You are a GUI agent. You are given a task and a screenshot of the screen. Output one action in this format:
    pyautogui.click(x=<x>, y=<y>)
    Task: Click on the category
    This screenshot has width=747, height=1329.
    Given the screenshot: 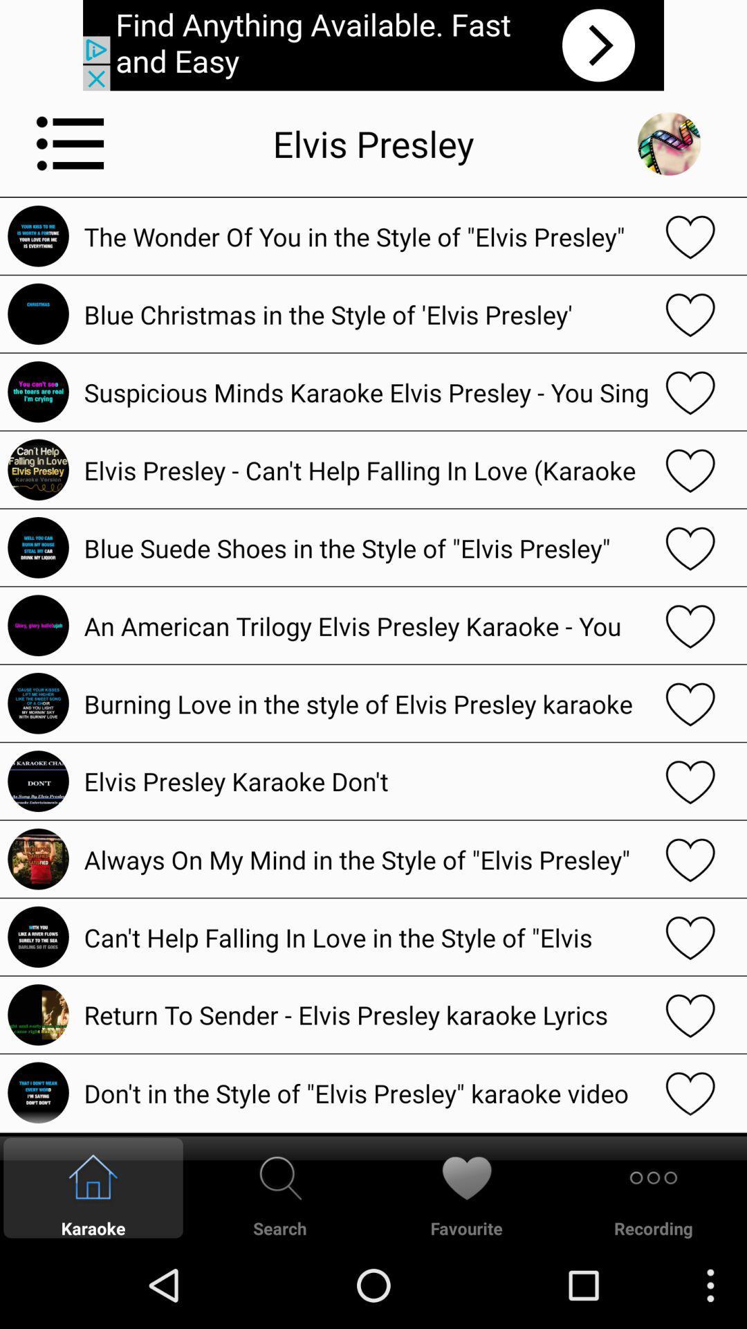 What is the action you would take?
    pyautogui.click(x=71, y=143)
    